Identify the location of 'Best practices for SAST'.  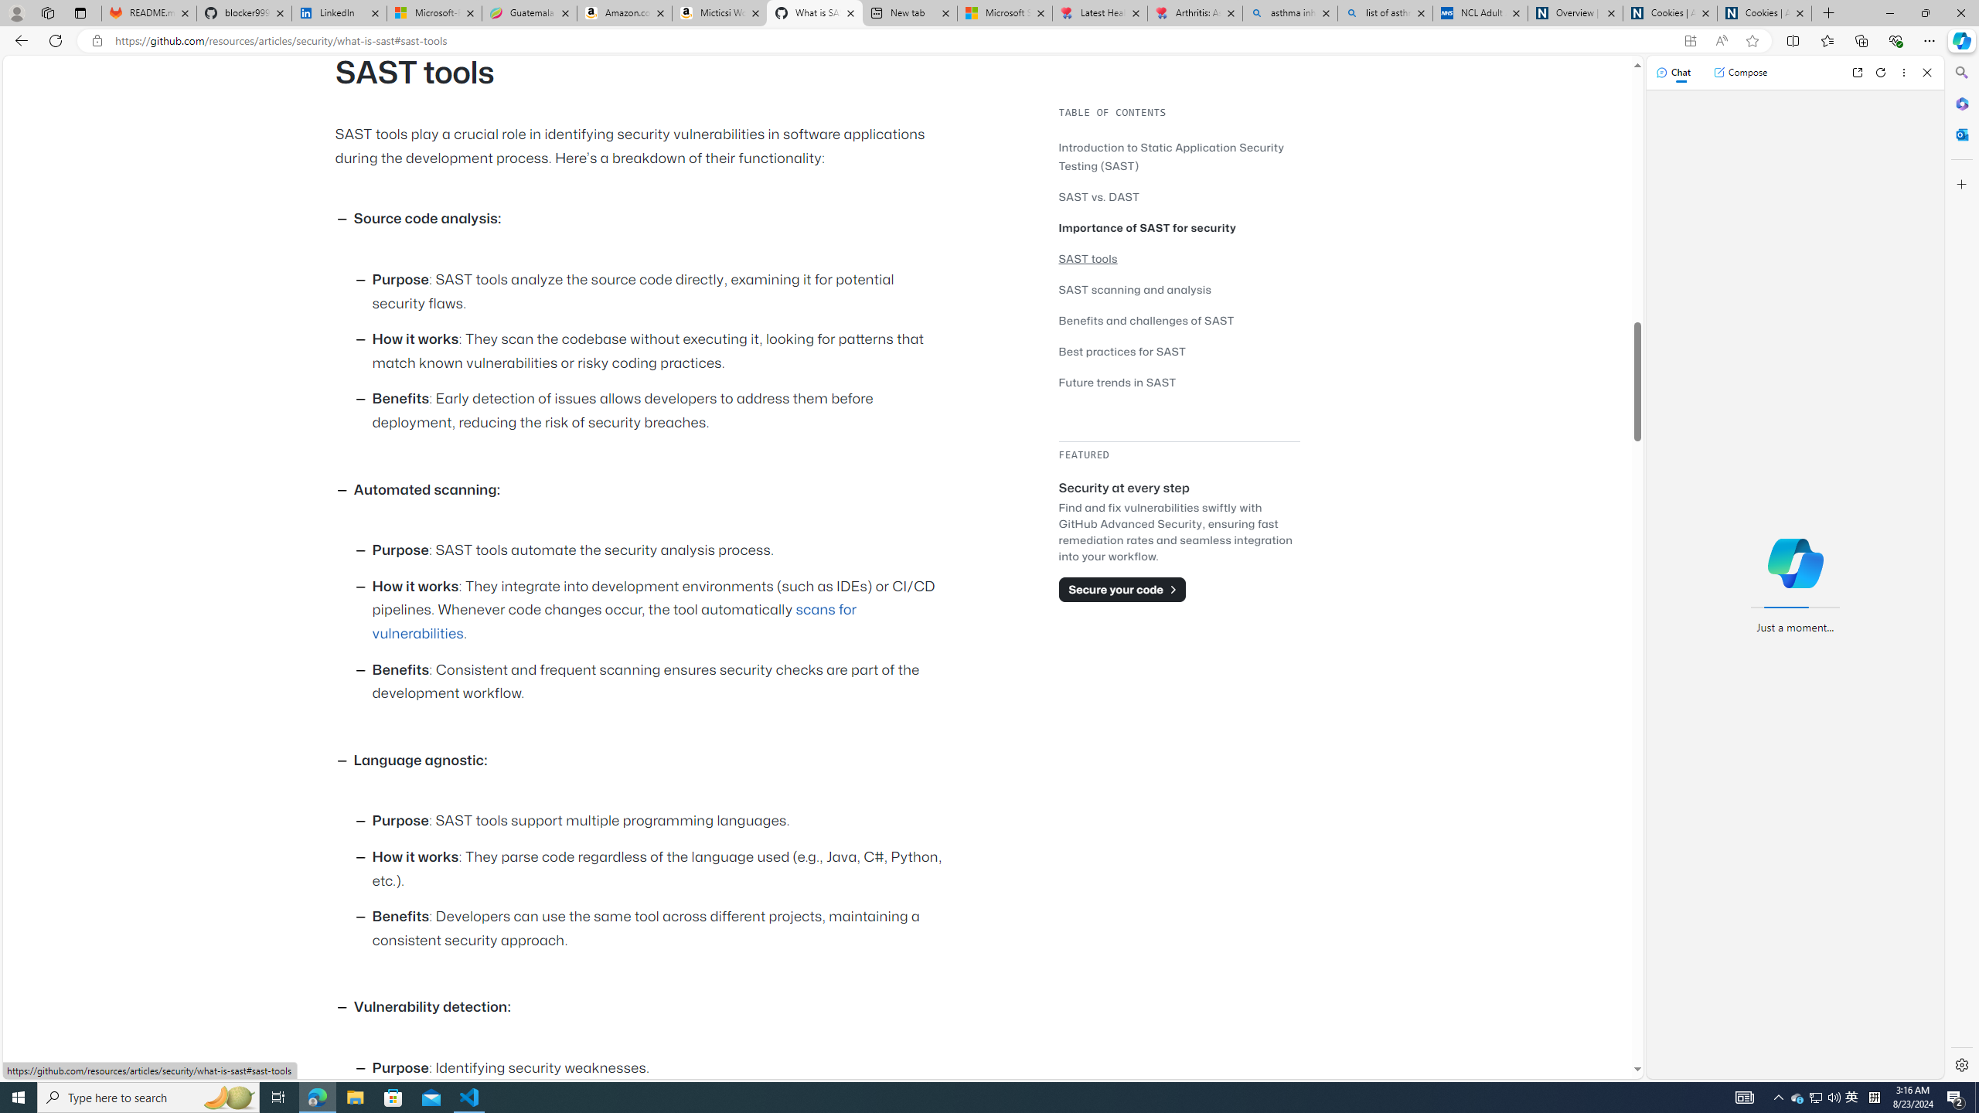
(1178, 350).